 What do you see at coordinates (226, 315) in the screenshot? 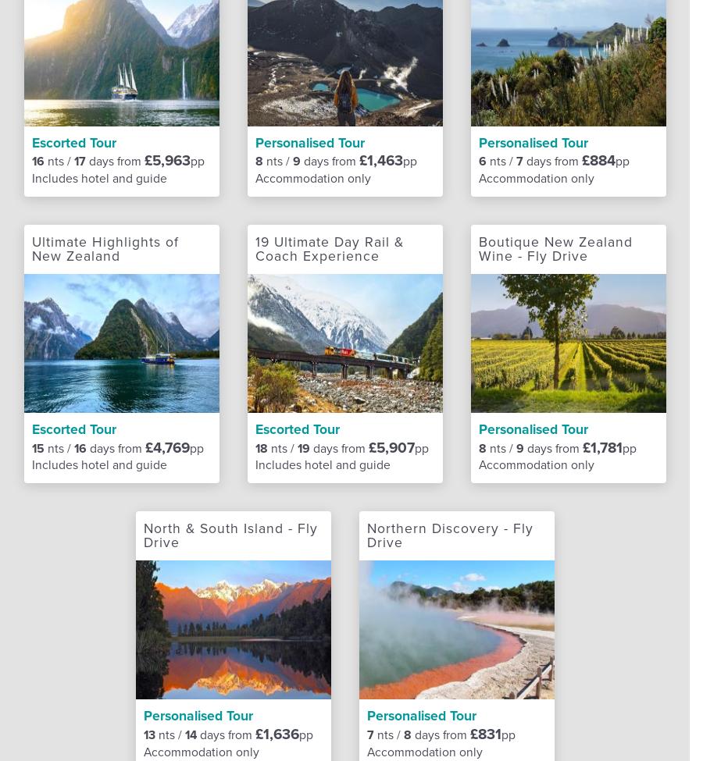
I see `'Airport lounges'` at bounding box center [226, 315].